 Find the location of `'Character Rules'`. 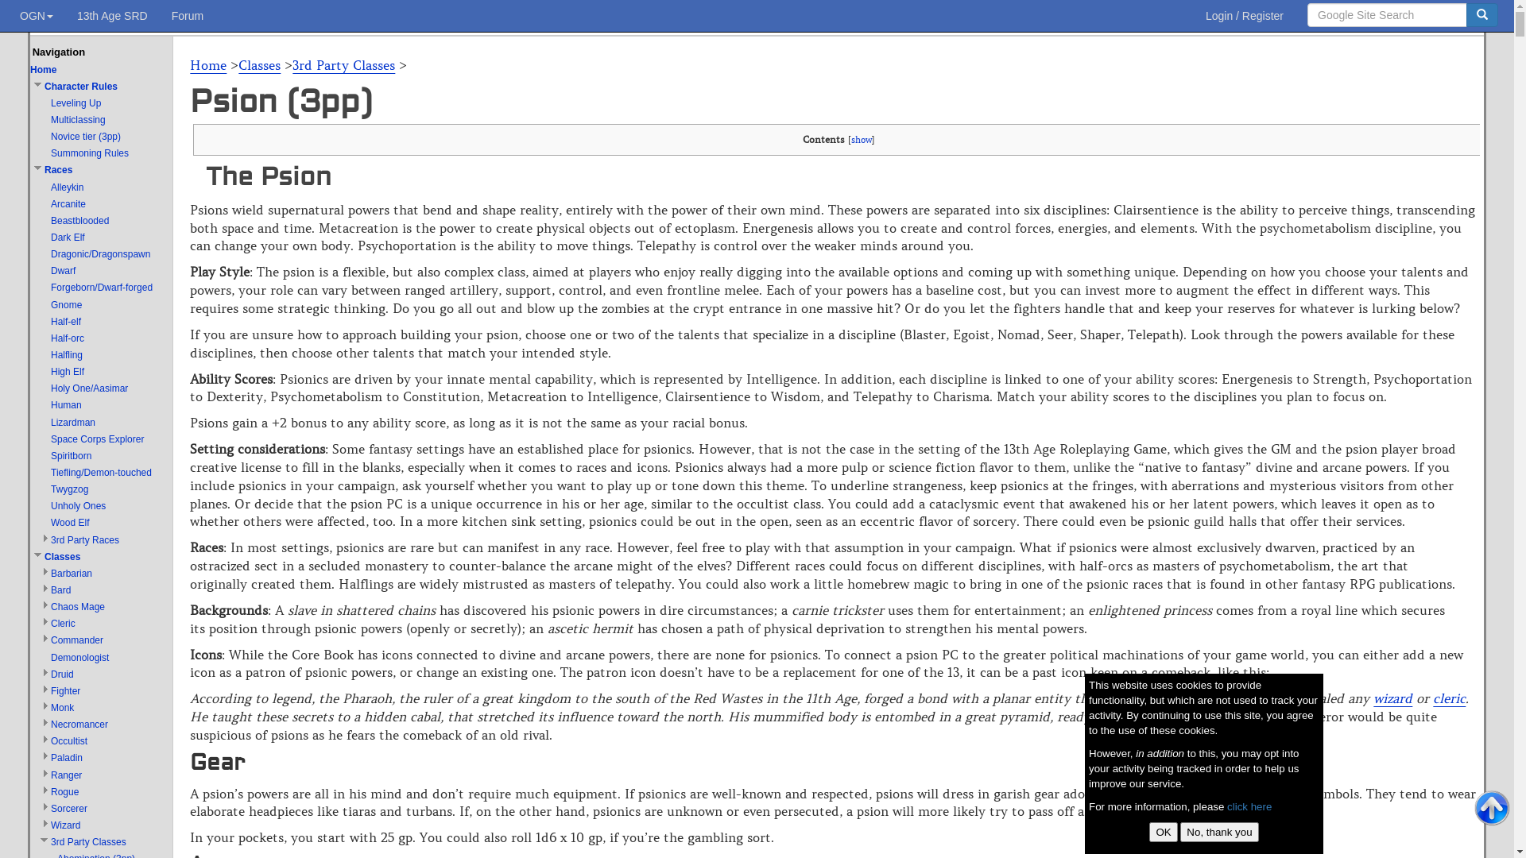

'Character Rules' is located at coordinates (79, 86).